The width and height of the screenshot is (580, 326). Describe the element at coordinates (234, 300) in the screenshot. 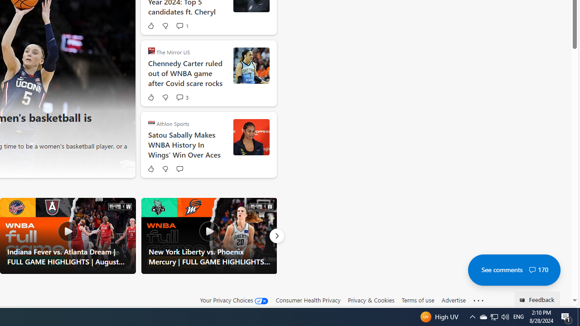

I see `'Your Privacy Choices'` at that location.